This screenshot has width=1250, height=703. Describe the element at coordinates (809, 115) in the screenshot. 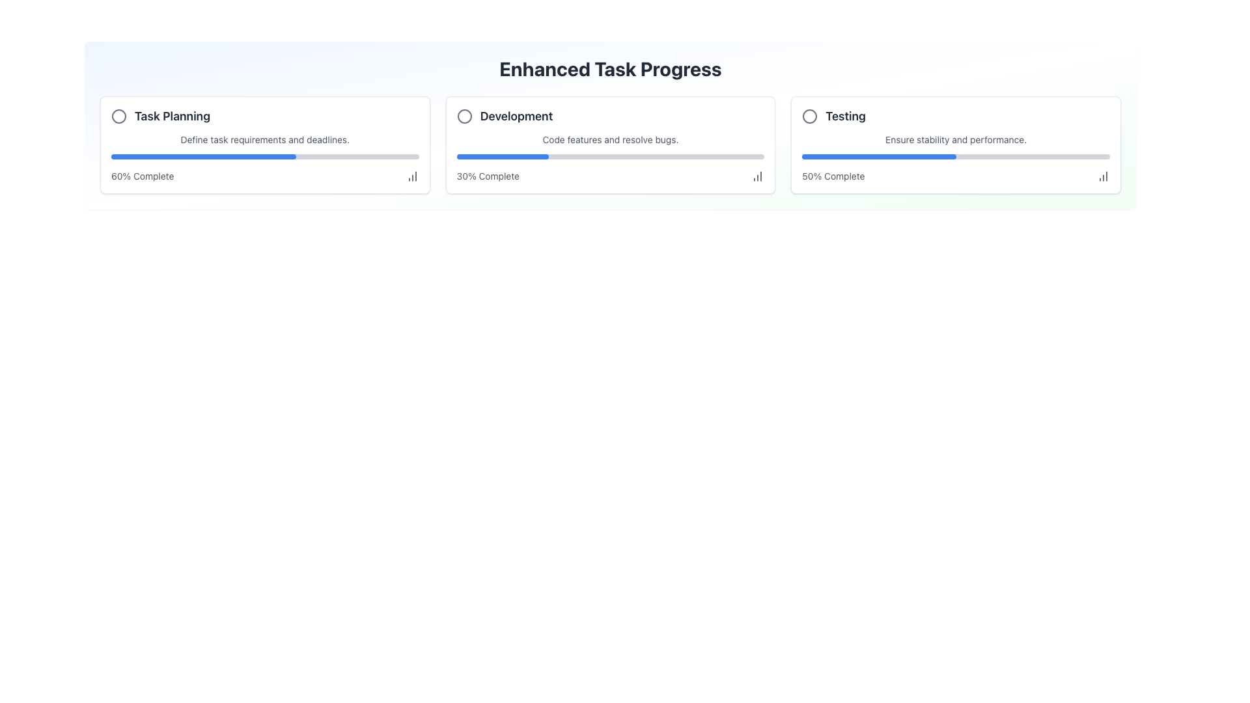

I see `the circular icon resembling an unselected radio button, located to the left of the text 'Testing'` at that location.